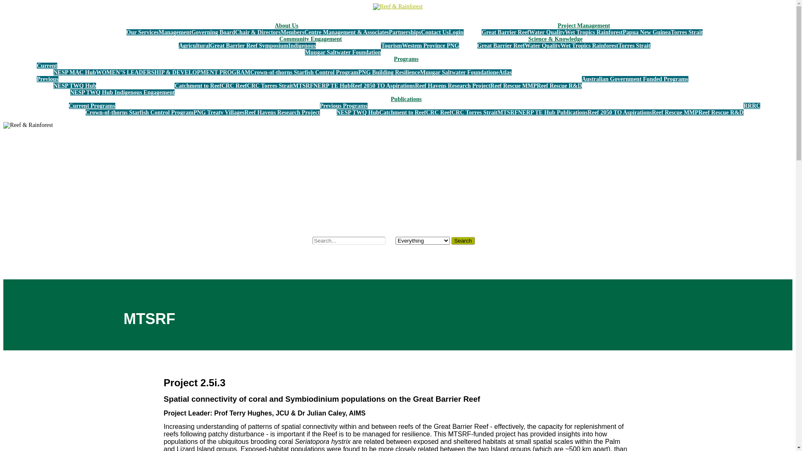  What do you see at coordinates (744, 105) in the screenshot?
I see `'RRRC'` at bounding box center [744, 105].